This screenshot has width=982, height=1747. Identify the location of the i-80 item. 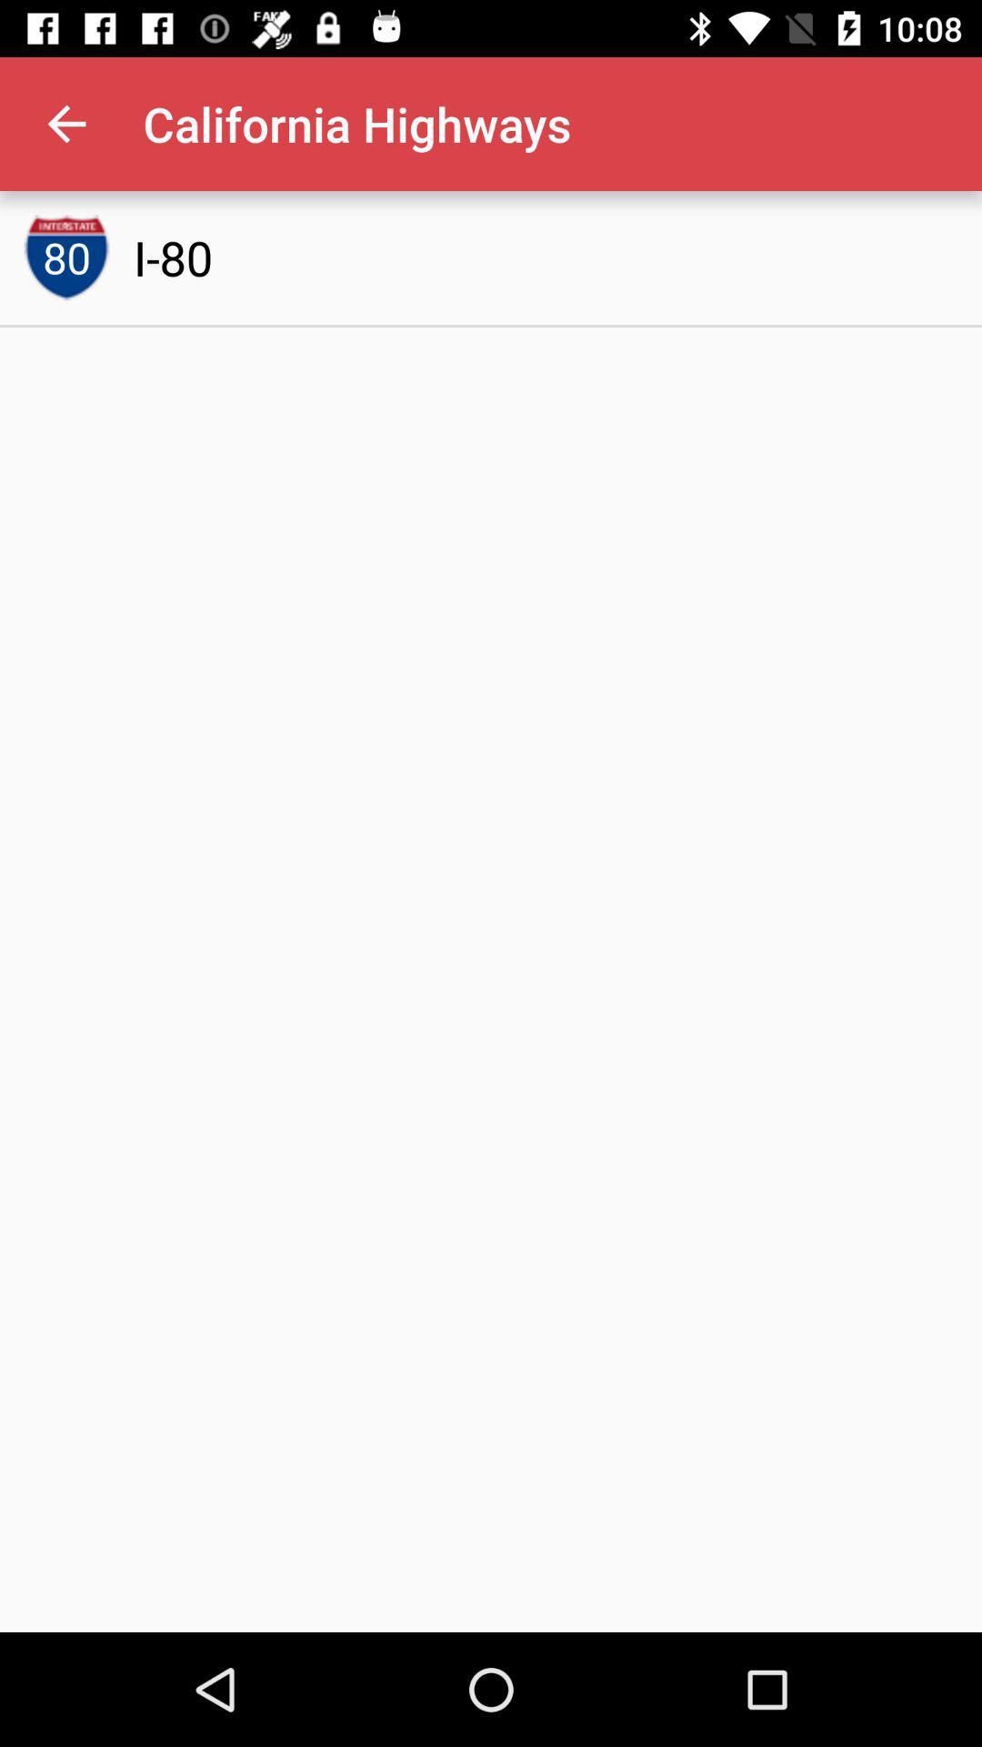
(173, 257).